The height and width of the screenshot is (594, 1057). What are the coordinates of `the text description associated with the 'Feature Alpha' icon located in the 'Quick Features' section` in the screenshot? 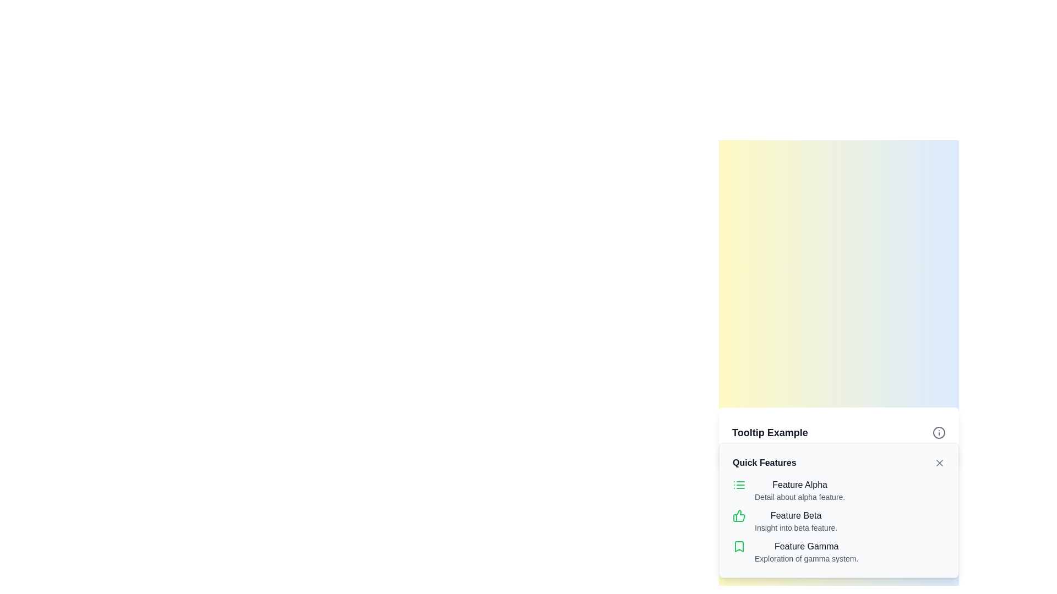 It's located at (739, 485).